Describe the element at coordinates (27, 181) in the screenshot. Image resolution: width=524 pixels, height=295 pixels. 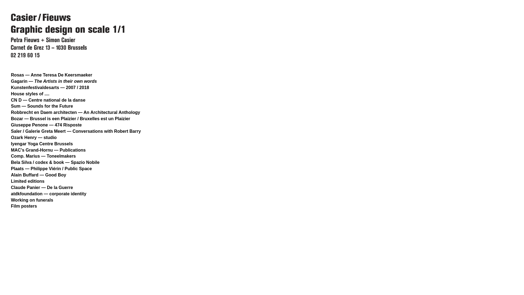
I see `'Limited editions'` at that location.